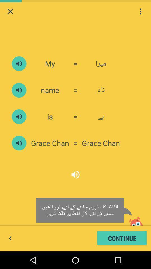 The image size is (151, 269). I want to click on the volume icon which is left side to the text name, so click(19, 90).